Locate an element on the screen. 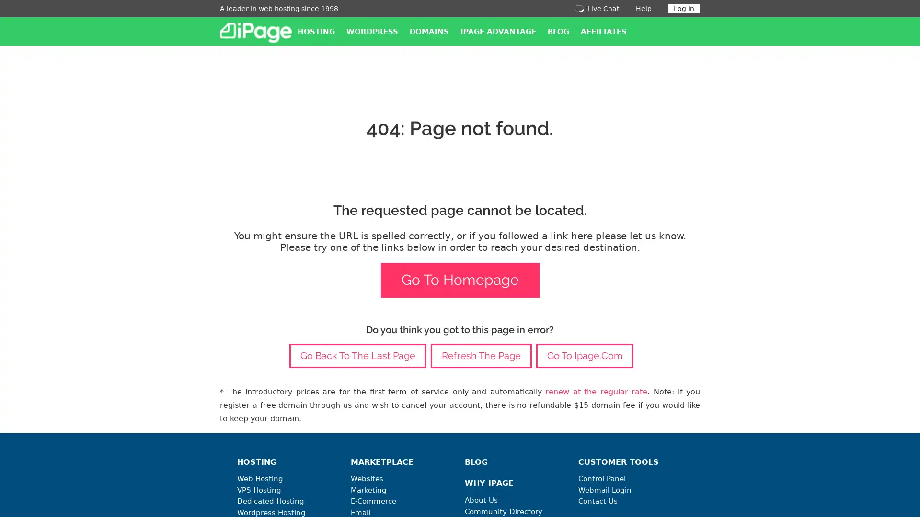 The image size is (920, 517). Cookies Settings is located at coordinates (97, 480).